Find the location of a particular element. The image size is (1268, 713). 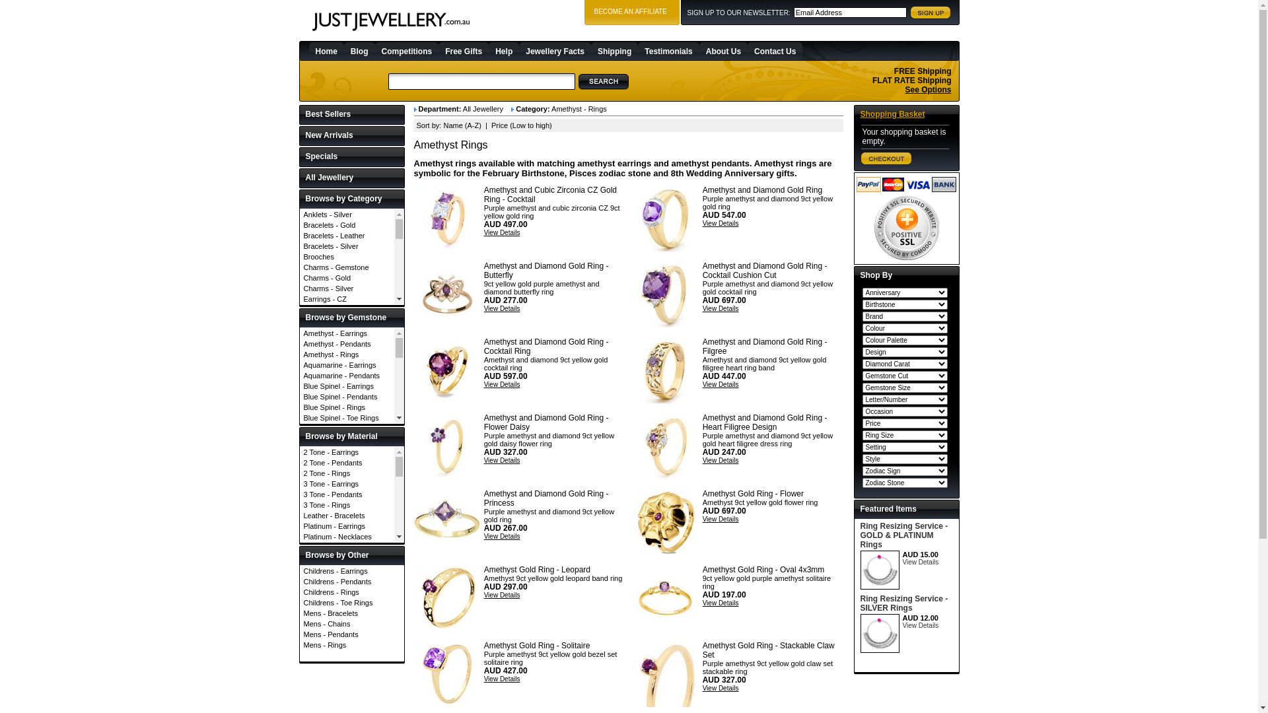

'Specials' is located at coordinates (351, 156).